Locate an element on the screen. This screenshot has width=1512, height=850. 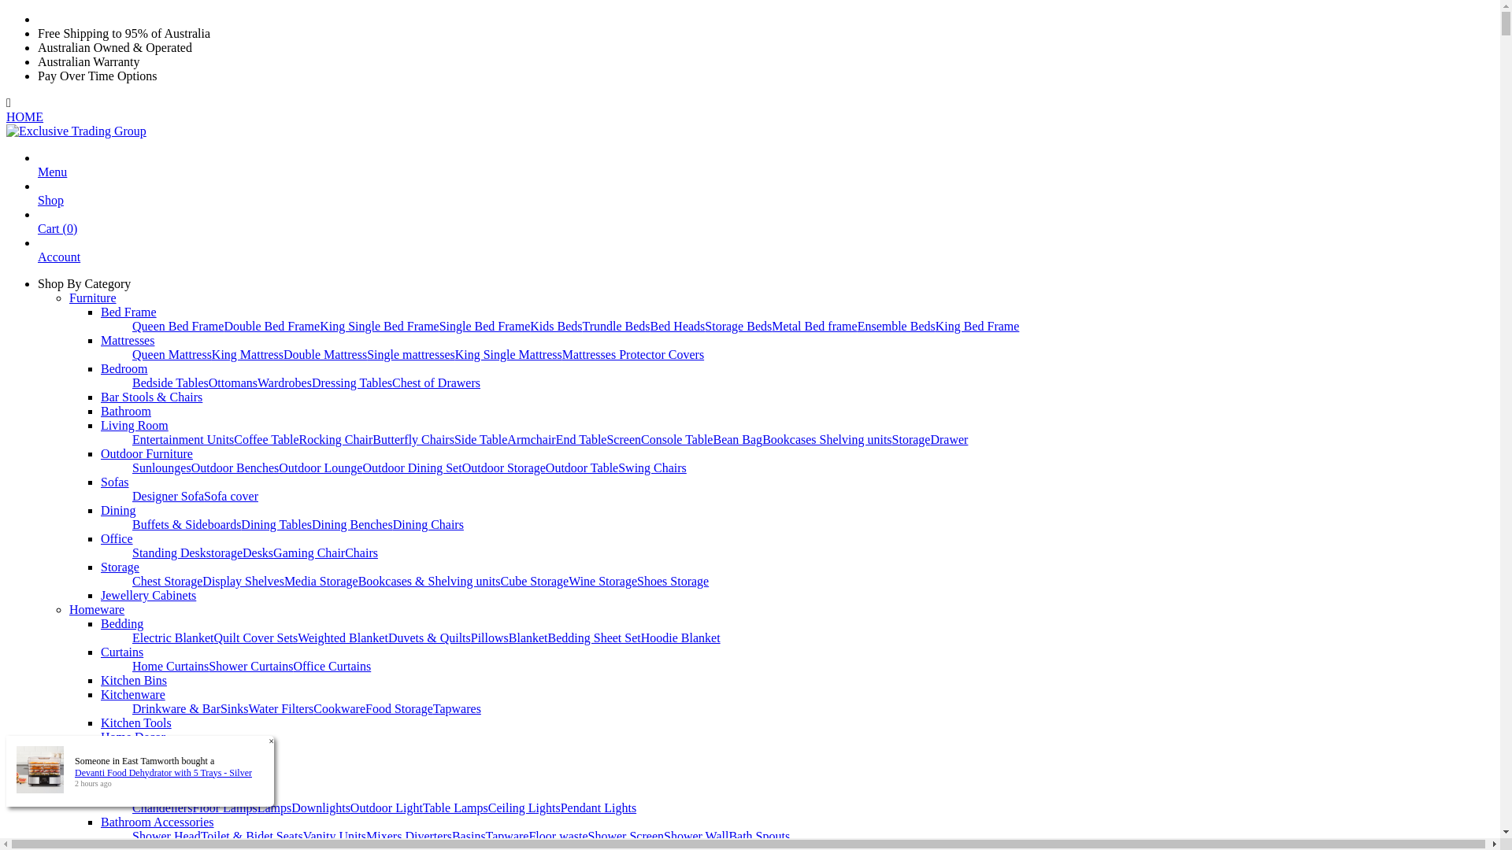
'Bathroom Accessories' is located at coordinates (157, 821).